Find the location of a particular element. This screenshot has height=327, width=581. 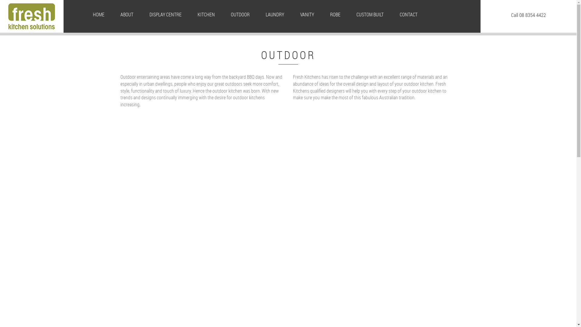

'ROBE' is located at coordinates (335, 14).